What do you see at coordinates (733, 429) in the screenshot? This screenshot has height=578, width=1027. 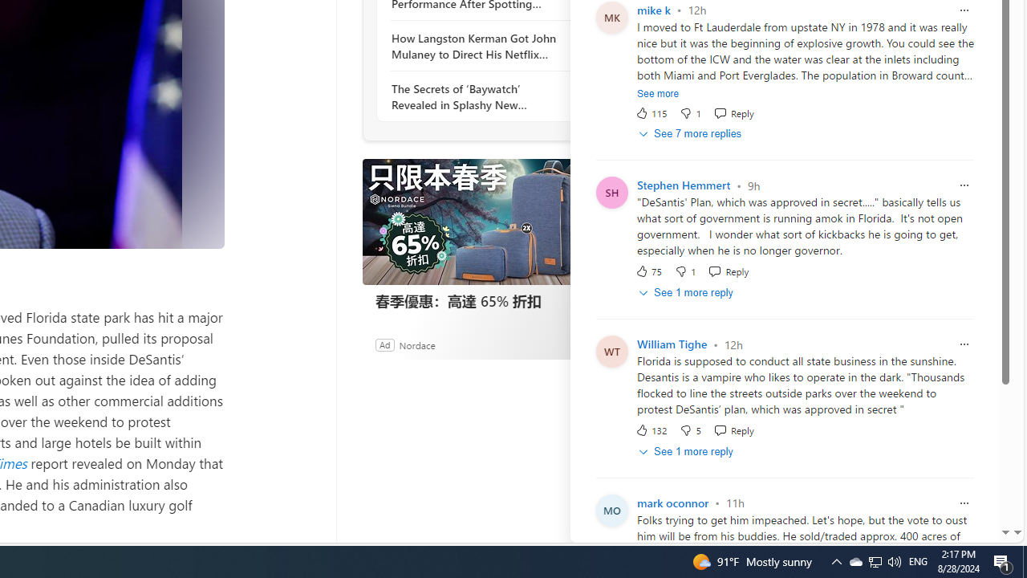 I see `'Reply Reply Comment'` at bounding box center [733, 429].